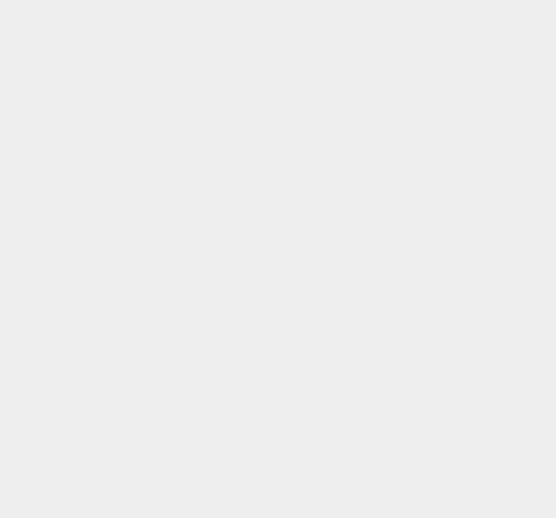 This screenshot has height=518, width=556. I want to click on 'iOS 8.2', so click(403, 64).